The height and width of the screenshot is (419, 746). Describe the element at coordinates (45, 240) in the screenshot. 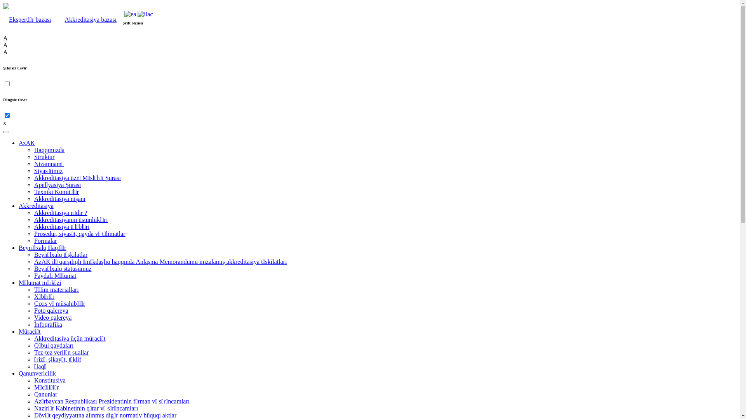

I see `'Formalar'` at that location.